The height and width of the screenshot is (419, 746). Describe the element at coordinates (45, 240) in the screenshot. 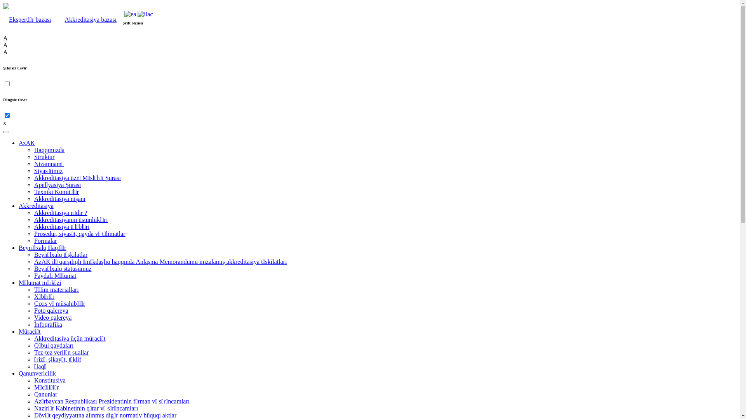

I see `'Formalar'` at that location.